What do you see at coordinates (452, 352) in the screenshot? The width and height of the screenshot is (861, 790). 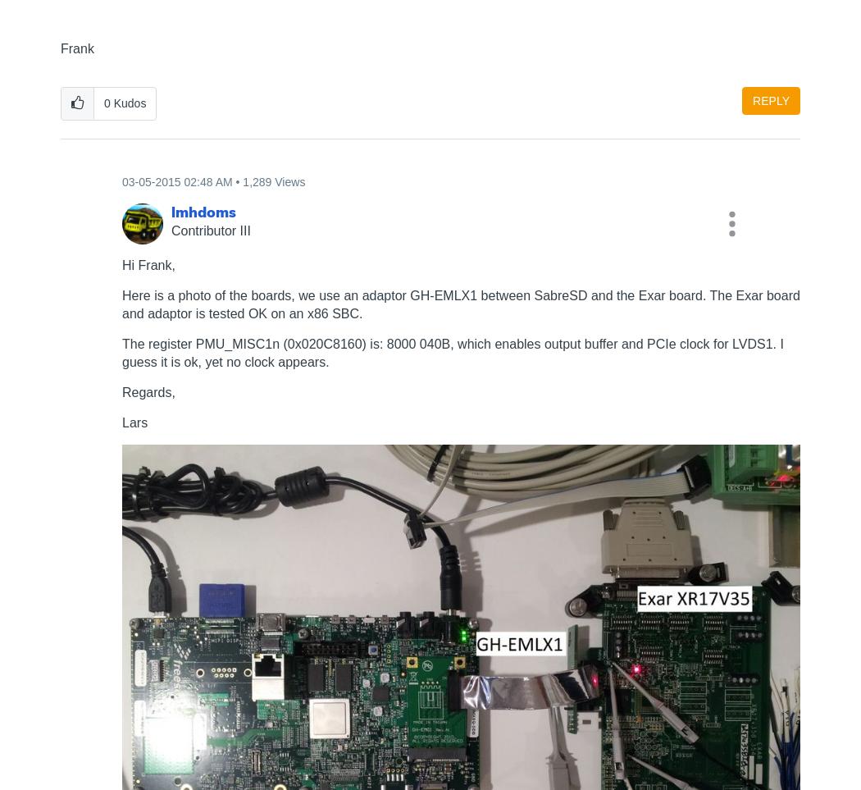 I see `'The register PMU_MISC1n (0x020C8160) is: 8000 040B, which enables output buffer and PCIe clock for LVDS1. I guess it is ok, yet no clock appears.'` at bounding box center [452, 352].